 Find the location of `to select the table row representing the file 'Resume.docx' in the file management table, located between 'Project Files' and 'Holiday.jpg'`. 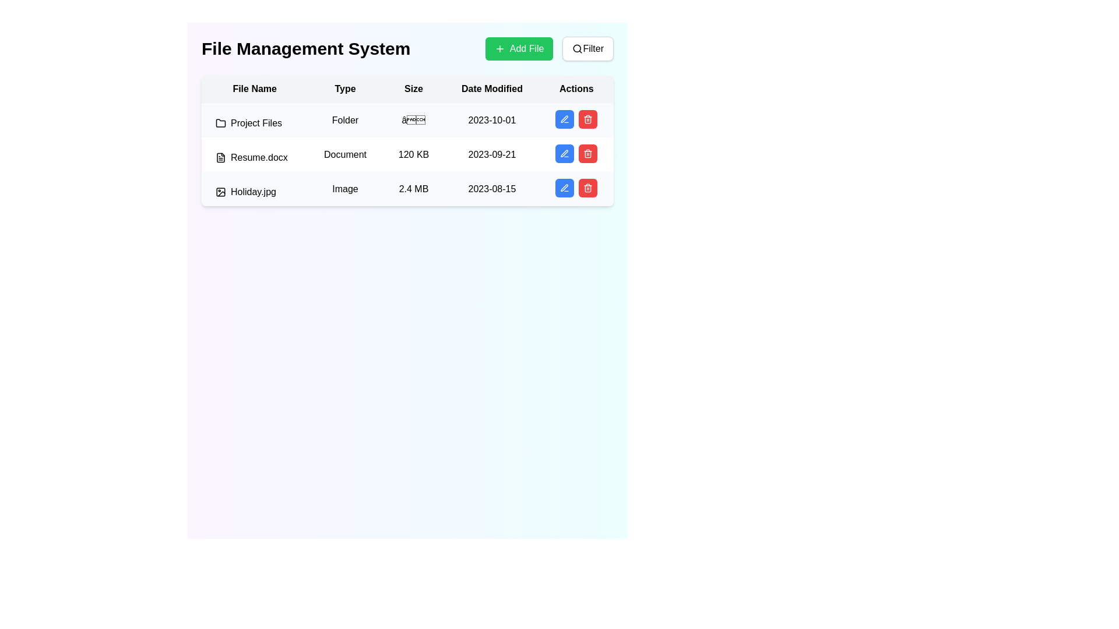

to select the table row representing the file 'Resume.docx' in the file management table, located between 'Project Files' and 'Holiday.jpg' is located at coordinates (407, 140).